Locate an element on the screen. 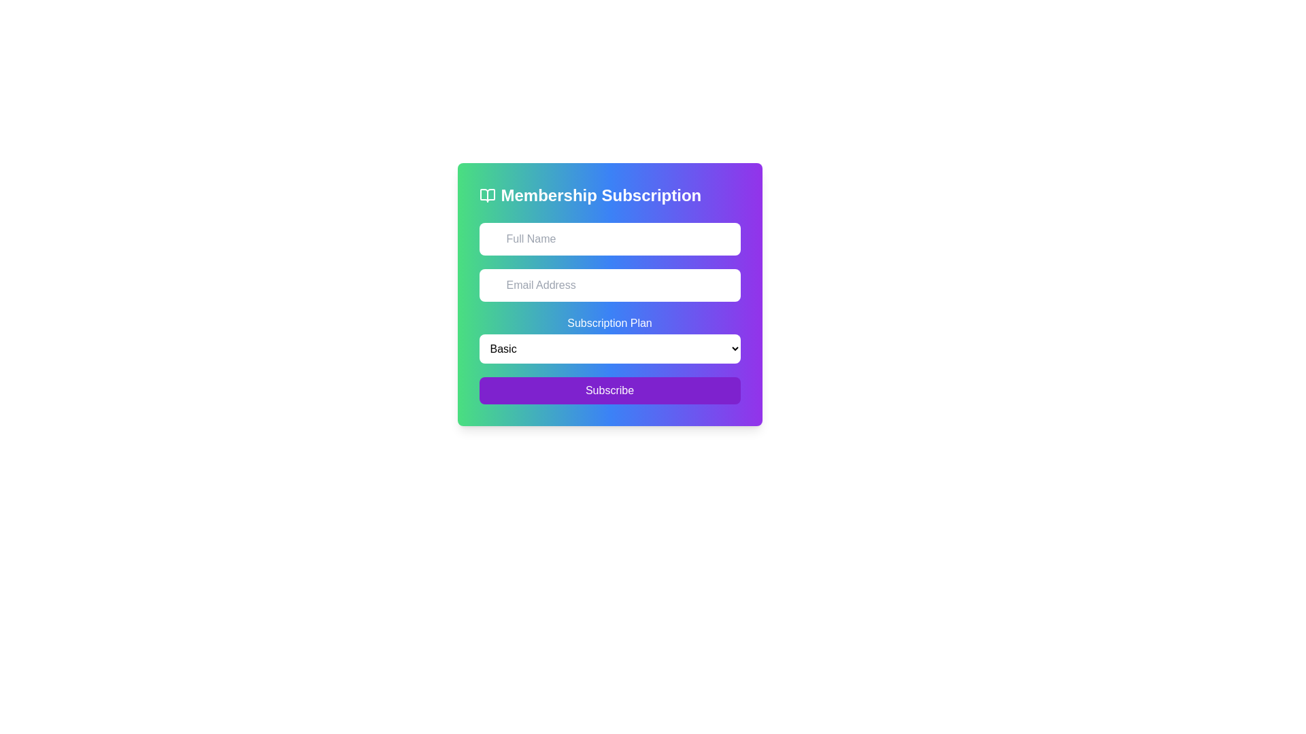  the email input field, which is the second input in the vertical stack, to focus on it is located at coordinates (609, 285).